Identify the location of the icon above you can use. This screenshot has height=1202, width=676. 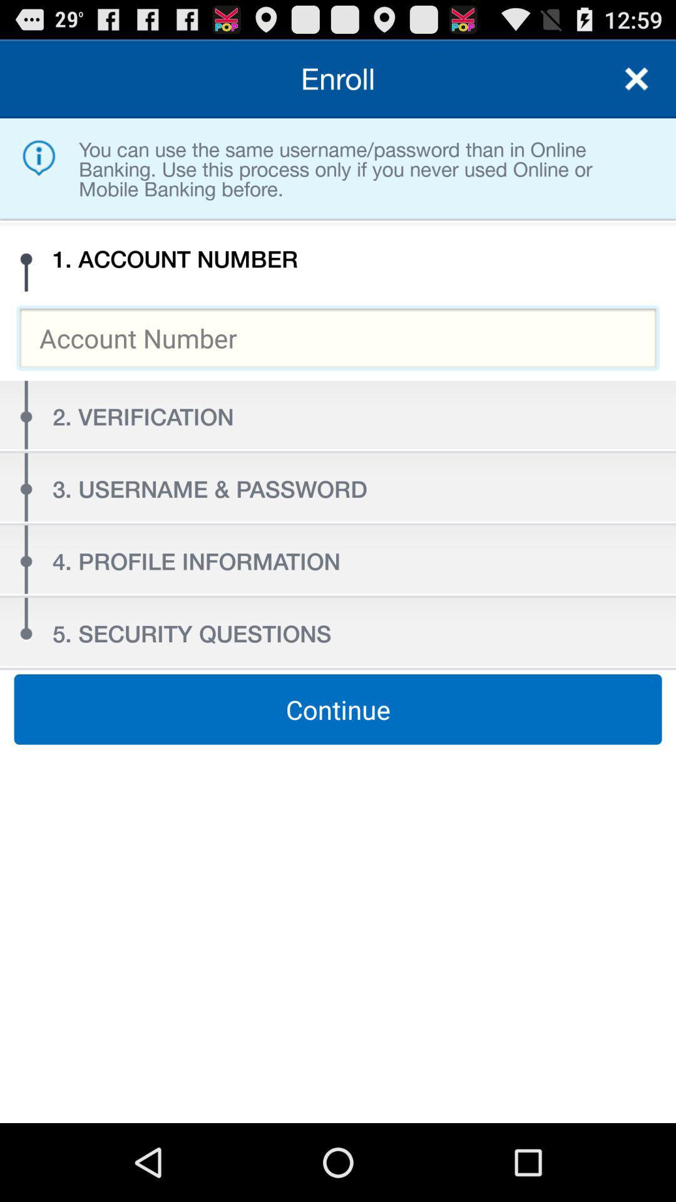
(338, 78).